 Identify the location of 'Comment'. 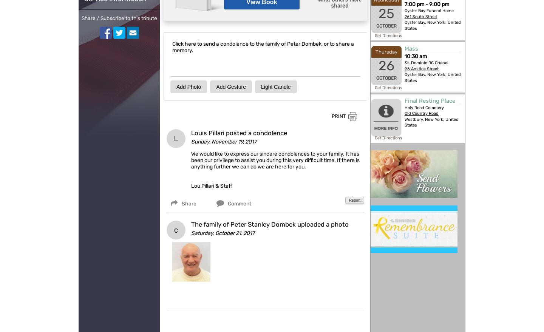
(227, 203).